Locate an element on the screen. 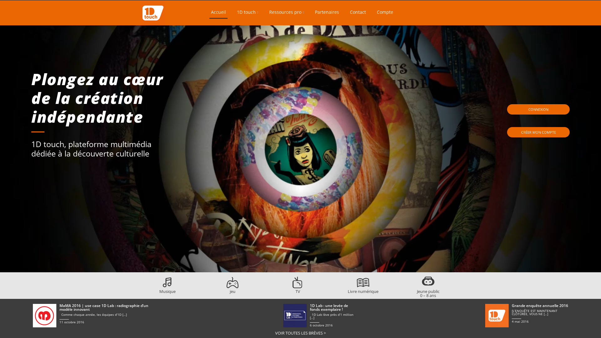 The image size is (601, 338). 'Ressources pro' is located at coordinates (267, 13).